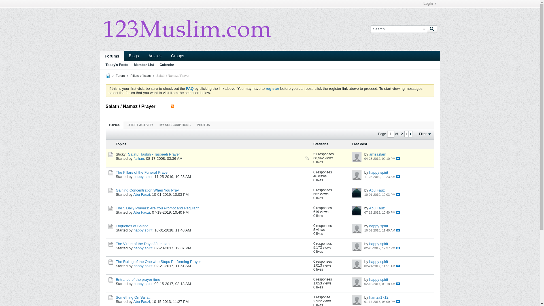 The image size is (544, 306). I want to click on 'hamza1712', so click(379, 297).